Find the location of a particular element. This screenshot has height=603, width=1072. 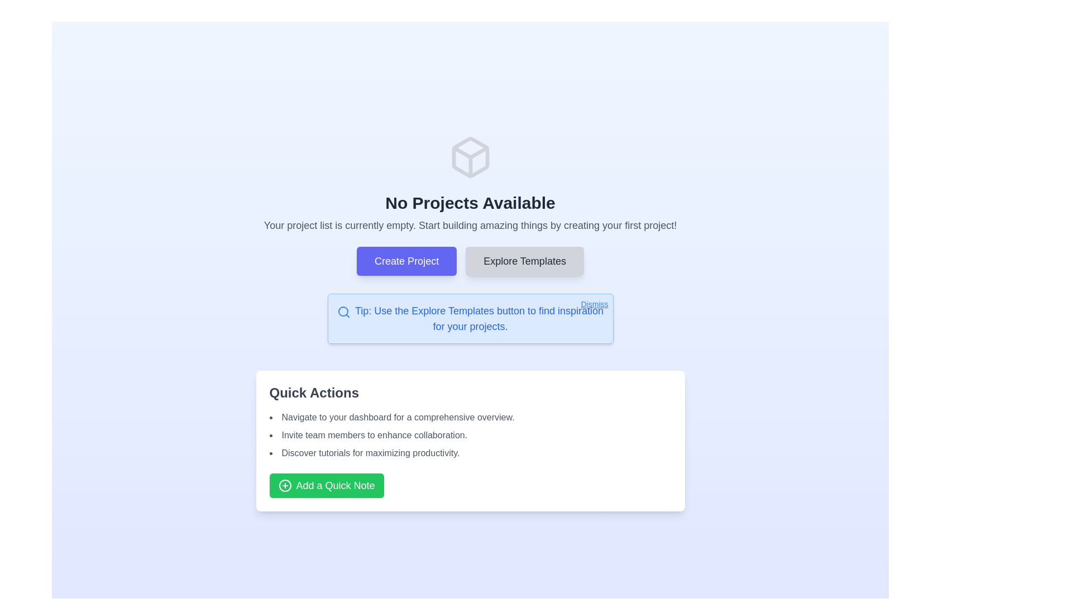

the 'Dismiss' button styled as a hyperlink with a blue font color located at the top-right corner of the notification box is located at coordinates (594, 304).